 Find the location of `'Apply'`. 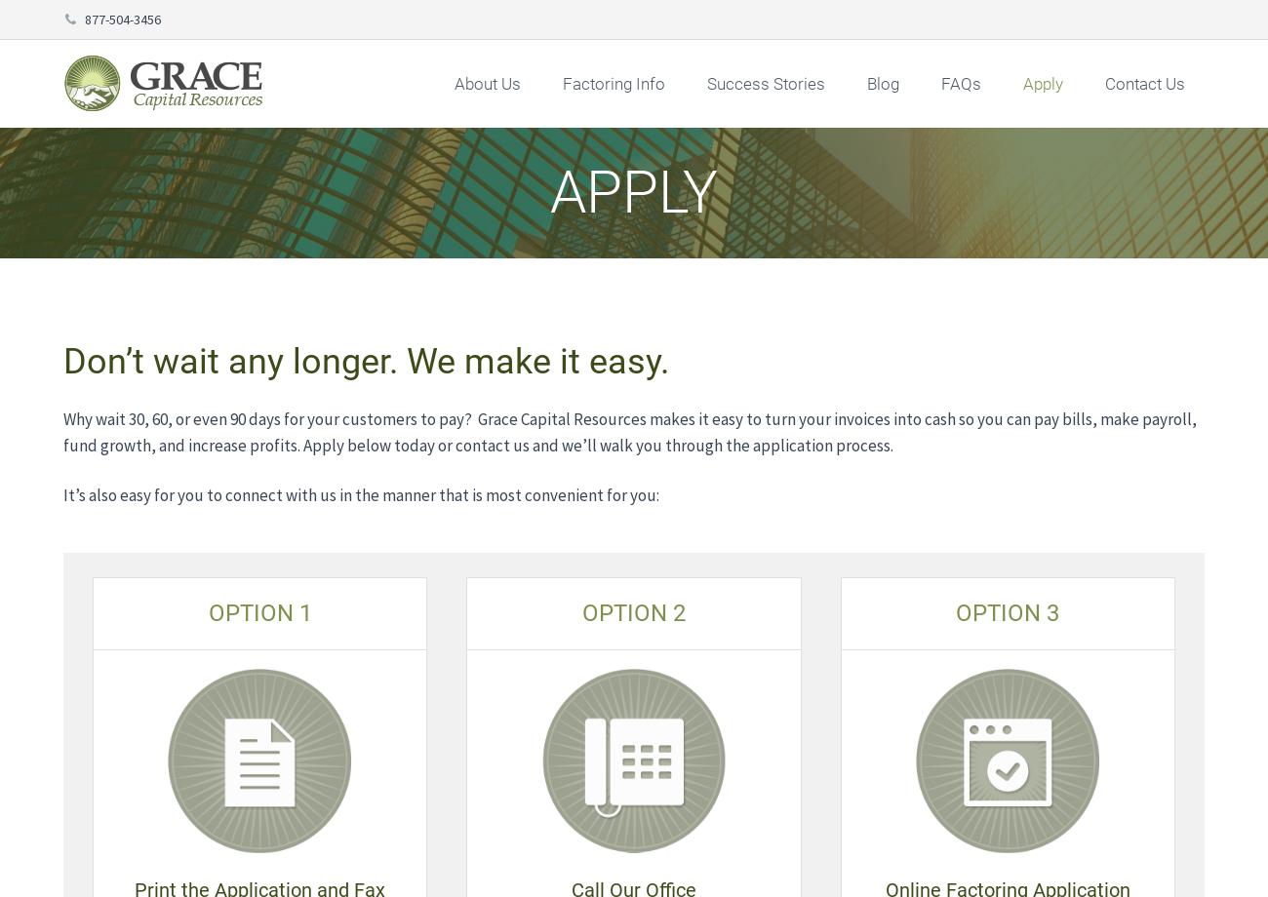

'Apply' is located at coordinates (1043, 84).